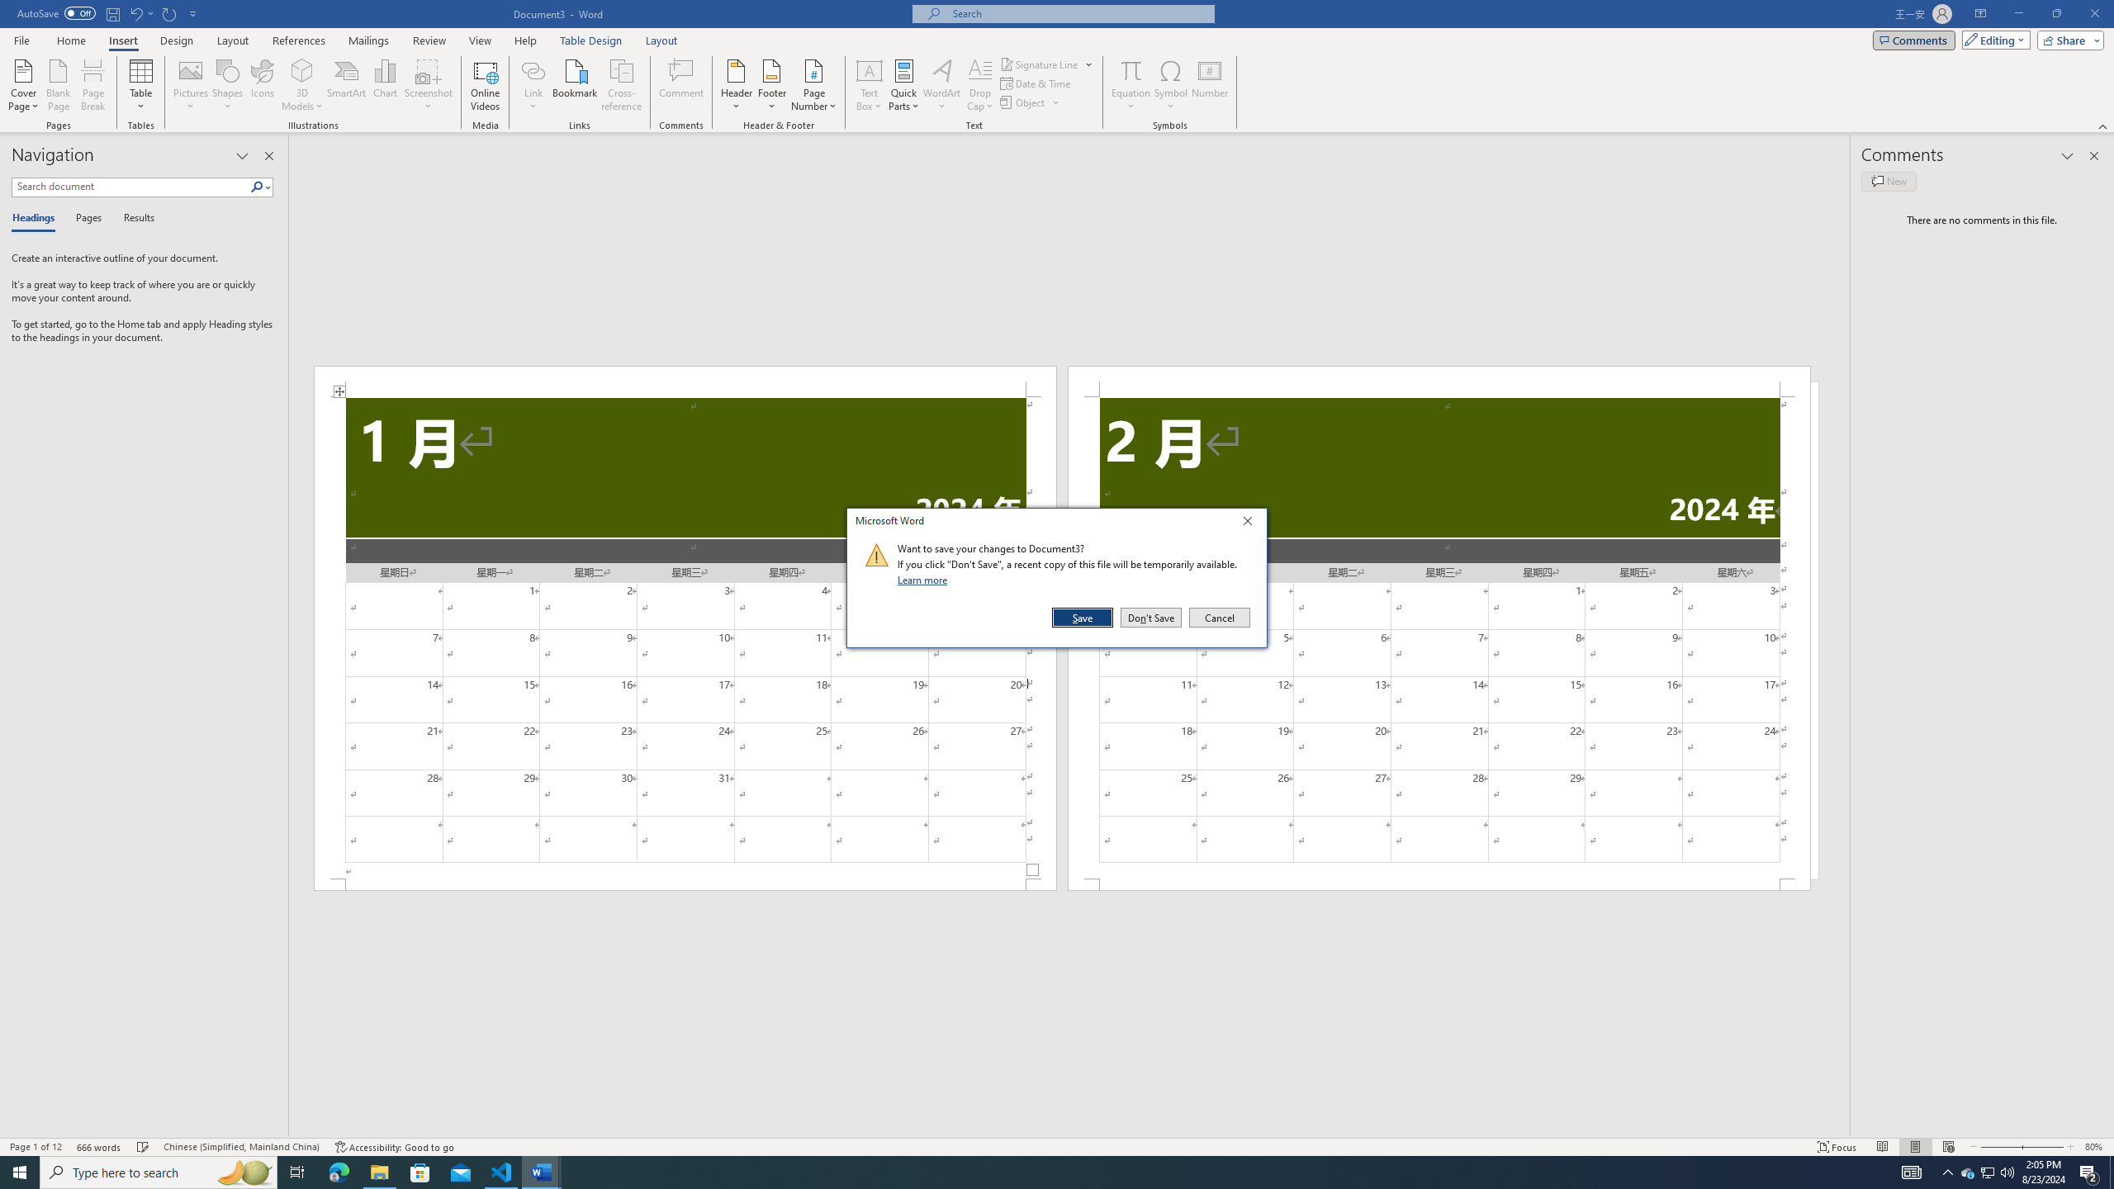 Image resolution: width=2114 pixels, height=1189 pixels. What do you see at coordinates (428, 85) in the screenshot?
I see `'Screenshot'` at bounding box center [428, 85].